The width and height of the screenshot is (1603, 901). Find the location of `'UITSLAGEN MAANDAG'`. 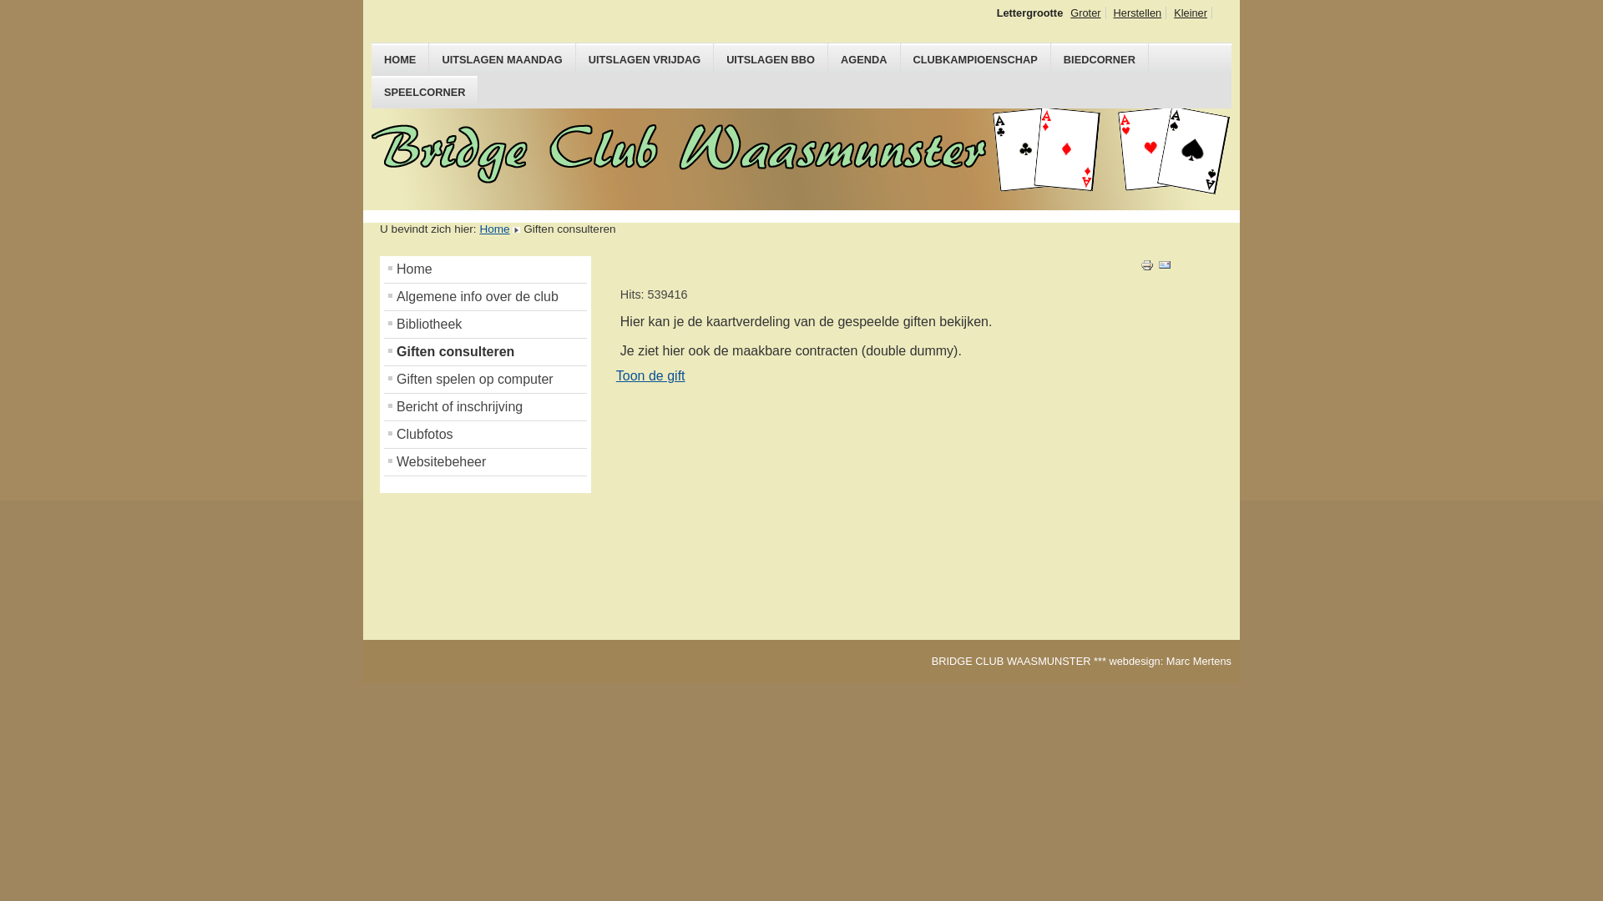

'UITSLAGEN MAANDAG' is located at coordinates (501, 58).